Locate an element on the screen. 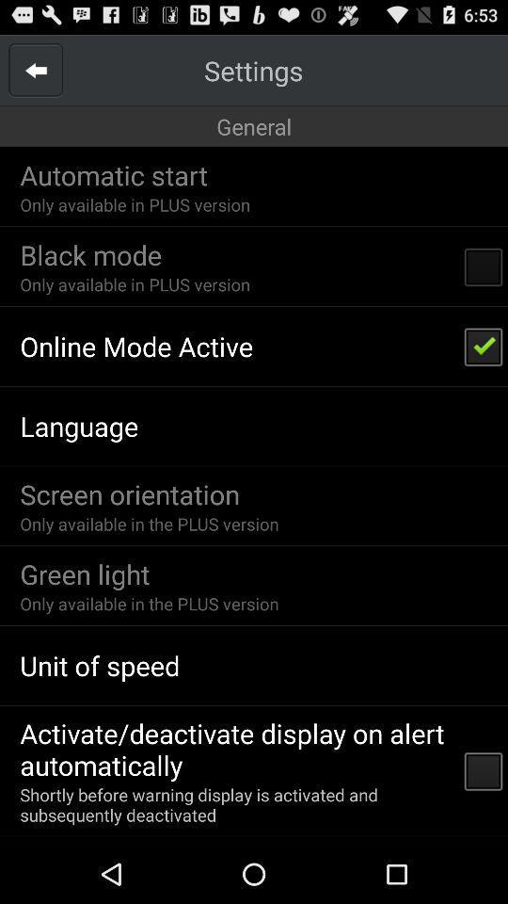 The height and width of the screenshot is (904, 508). go back is located at coordinates (36, 70).